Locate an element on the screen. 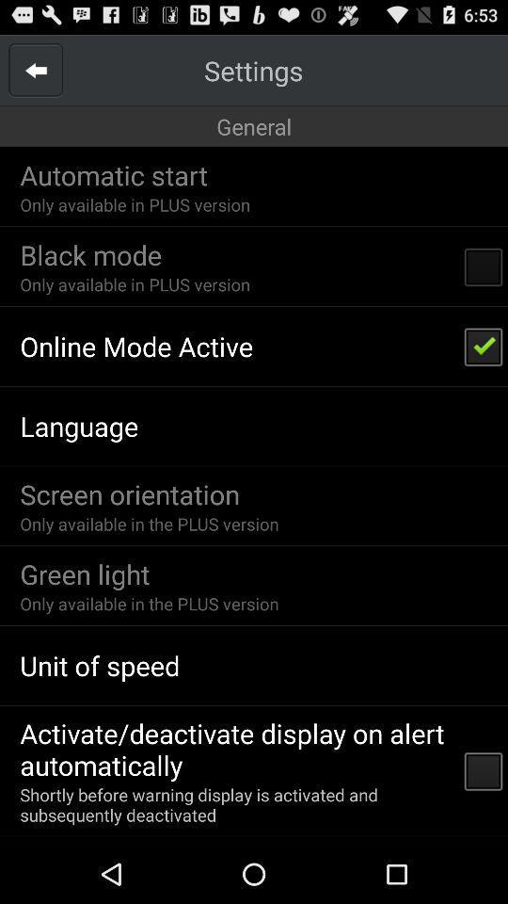 The height and width of the screenshot is (904, 508). go back is located at coordinates (36, 70).